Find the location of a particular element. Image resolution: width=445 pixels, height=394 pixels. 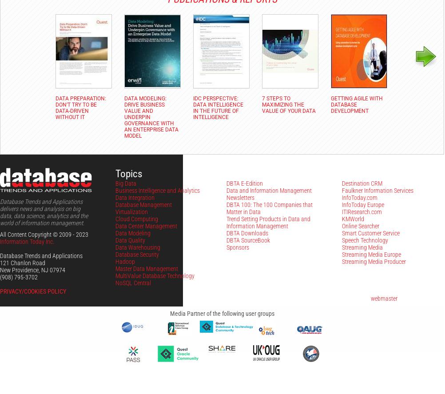

'Database Management' is located at coordinates (143, 204).